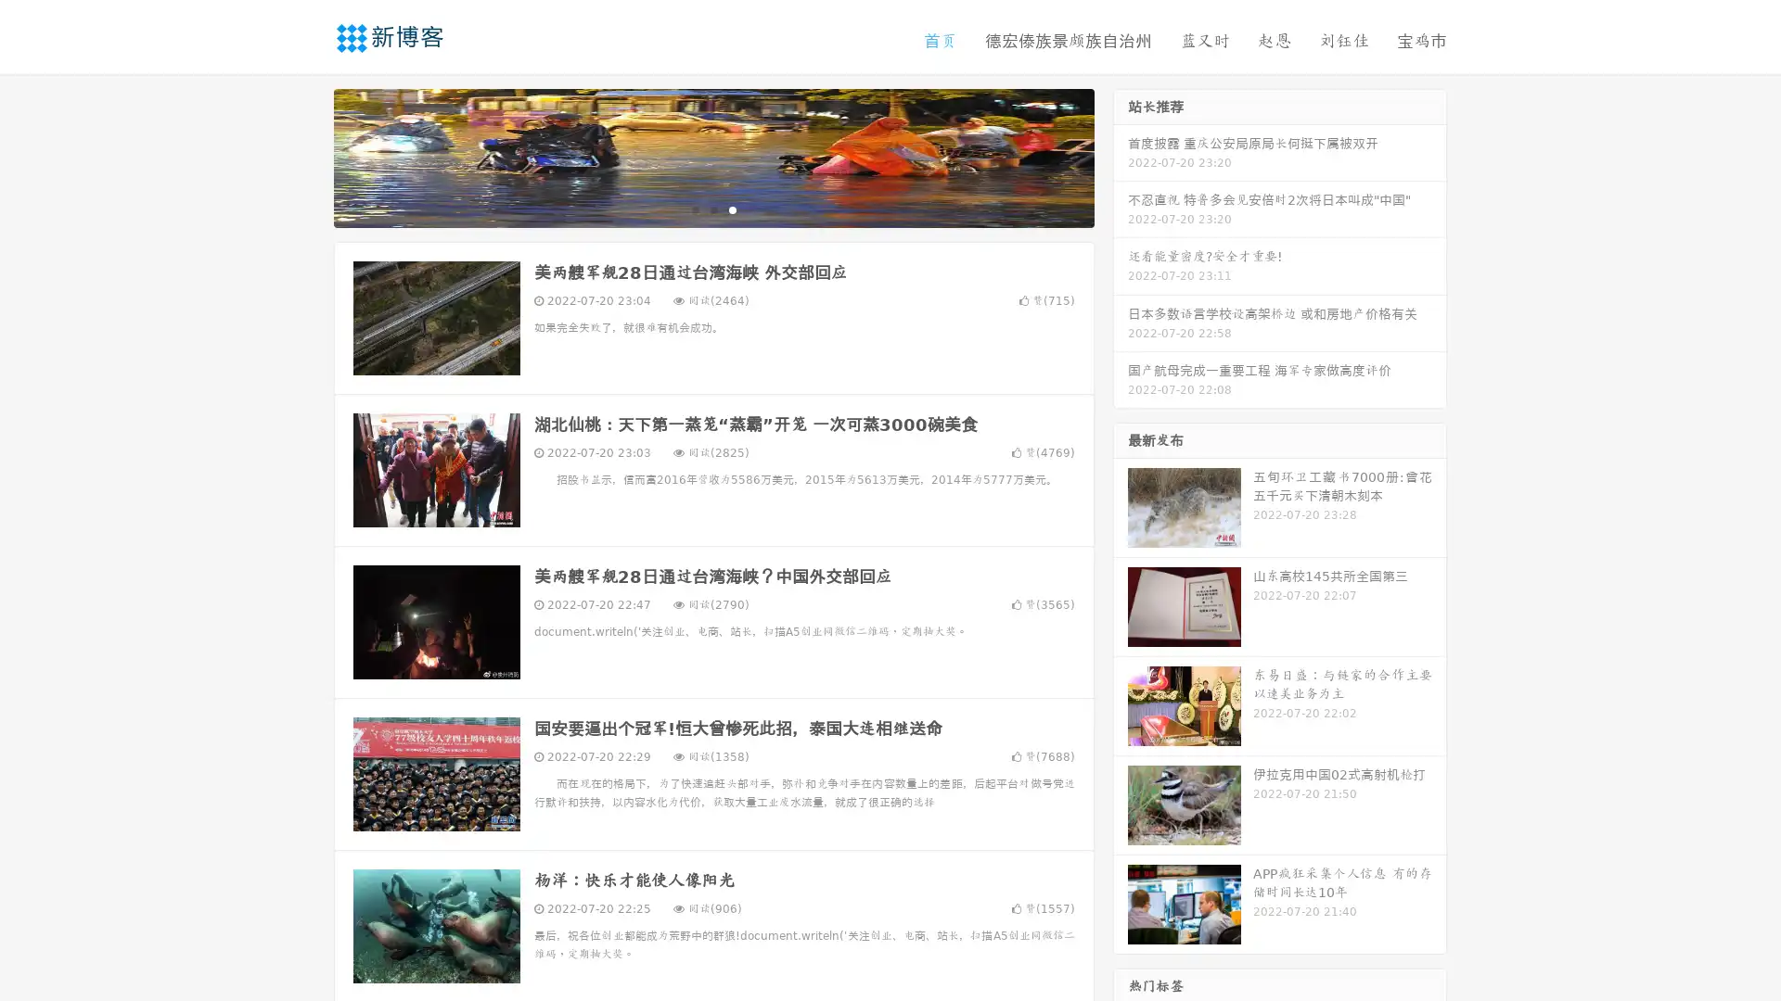 The image size is (1781, 1001). I want to click on Next slide, so click(1121, 156).